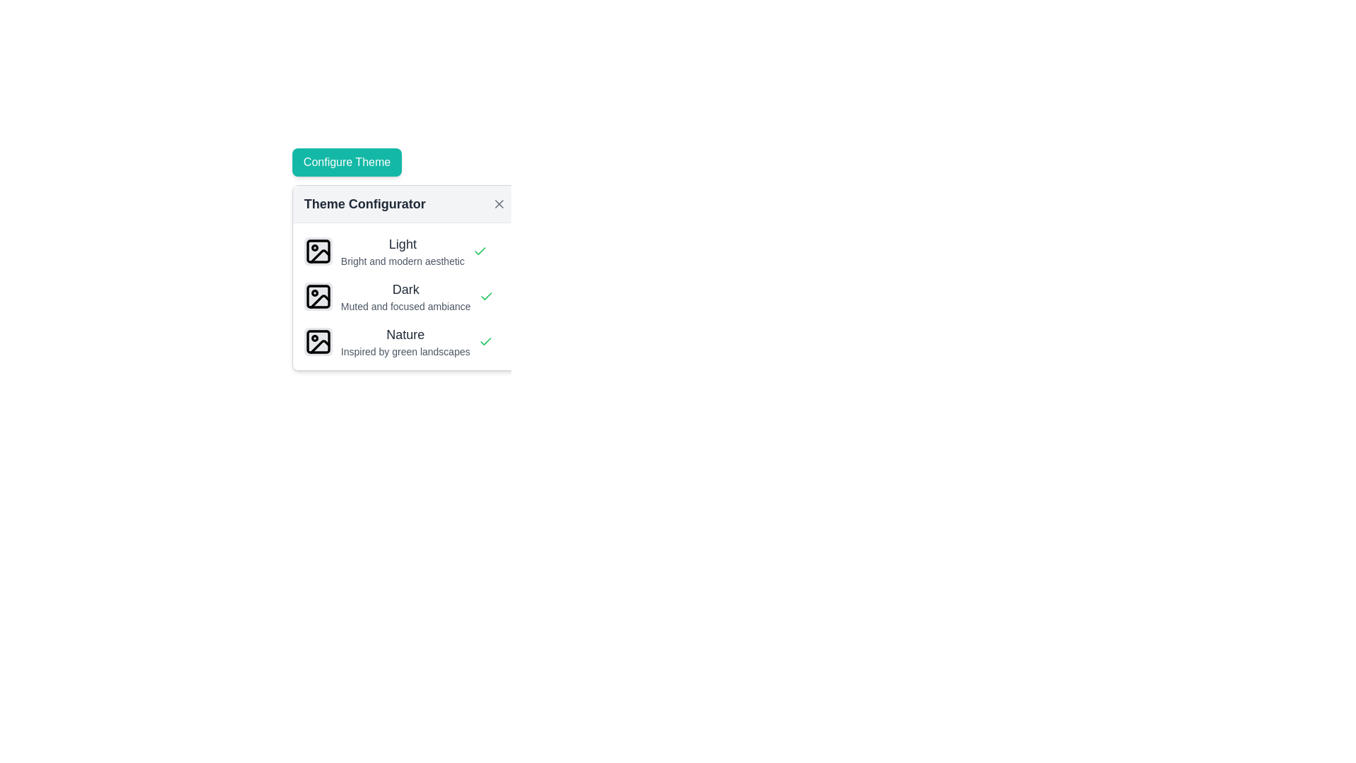 The height and width of the screenshot is (763, 1356). Describe the element at coordinates (404, 296) in the screenshot. I see `the second selectable theme item labeled 'Dark' in the 'Theme Configurator' popup` at that location.